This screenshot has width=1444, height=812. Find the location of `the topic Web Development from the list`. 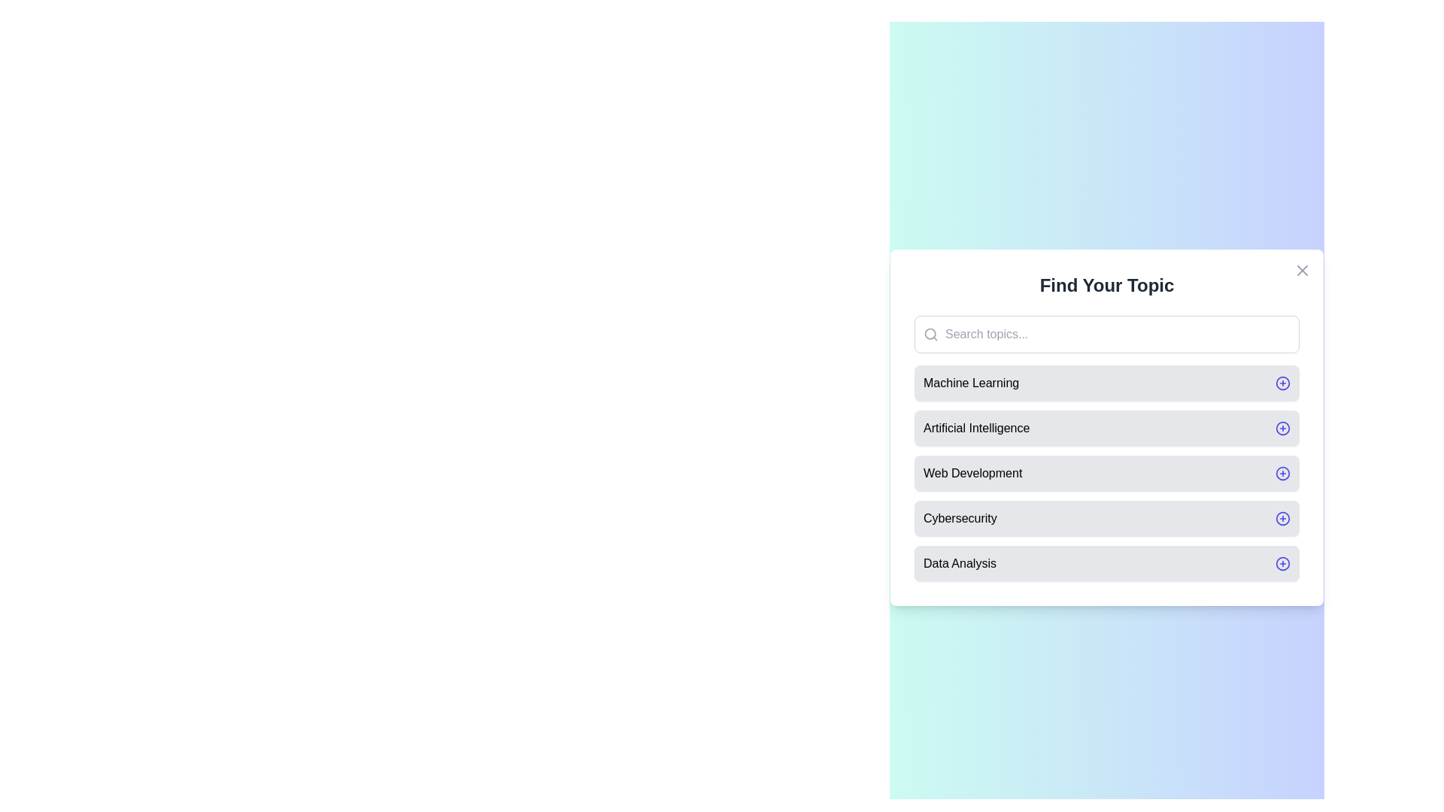

the topic Web Development from the list is located at coordinates (1107, 472).